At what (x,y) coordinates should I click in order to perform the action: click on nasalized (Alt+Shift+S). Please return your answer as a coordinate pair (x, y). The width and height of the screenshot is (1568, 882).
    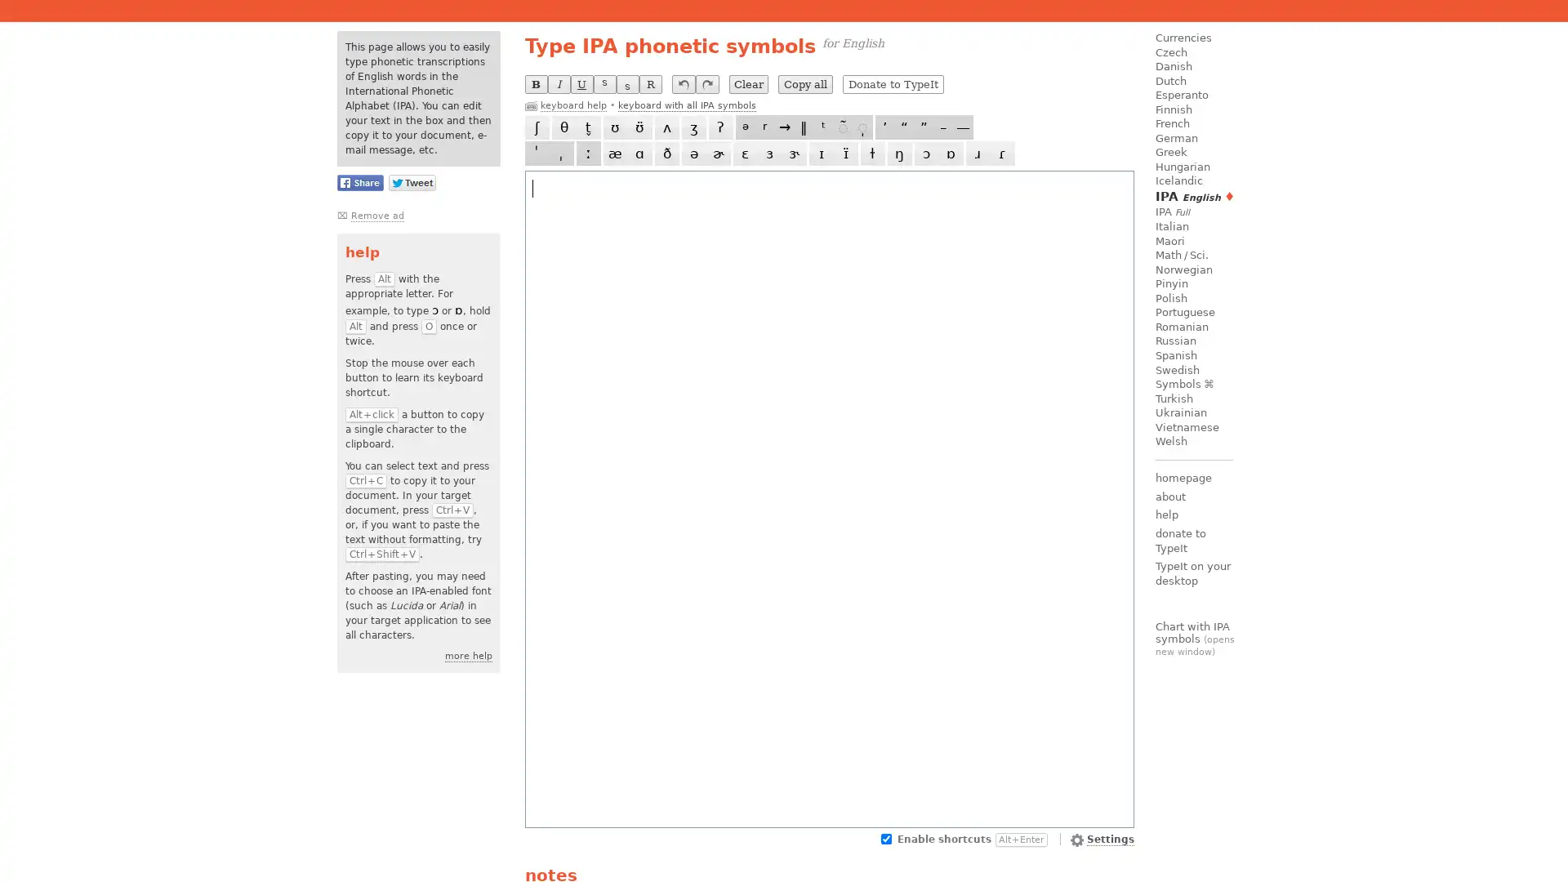
    Looking at the image, I should click on (843, 125).